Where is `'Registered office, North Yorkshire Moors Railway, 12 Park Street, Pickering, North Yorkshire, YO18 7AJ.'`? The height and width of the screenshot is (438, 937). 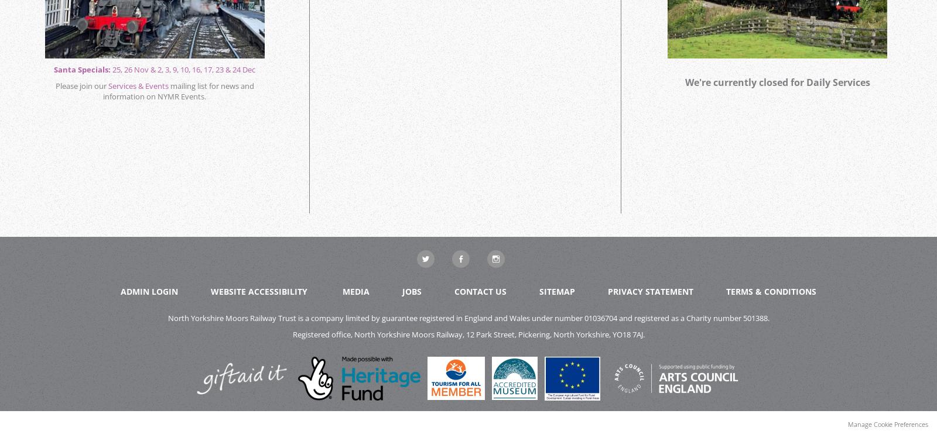
'Registered office, North Yorkshire Moors Railway, 12 Park Street, Pickering, North Yorkshire, YO18 7AJ.' is located at coordinates (468, 334).